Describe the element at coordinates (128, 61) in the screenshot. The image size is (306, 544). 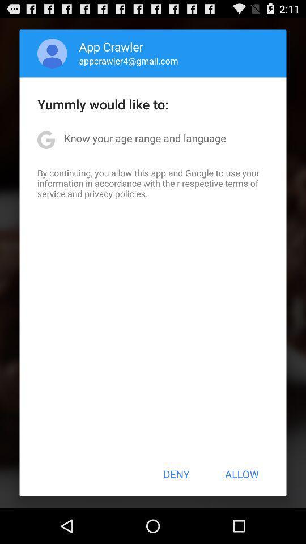
I see `the item above the yummly would like item` at that location.